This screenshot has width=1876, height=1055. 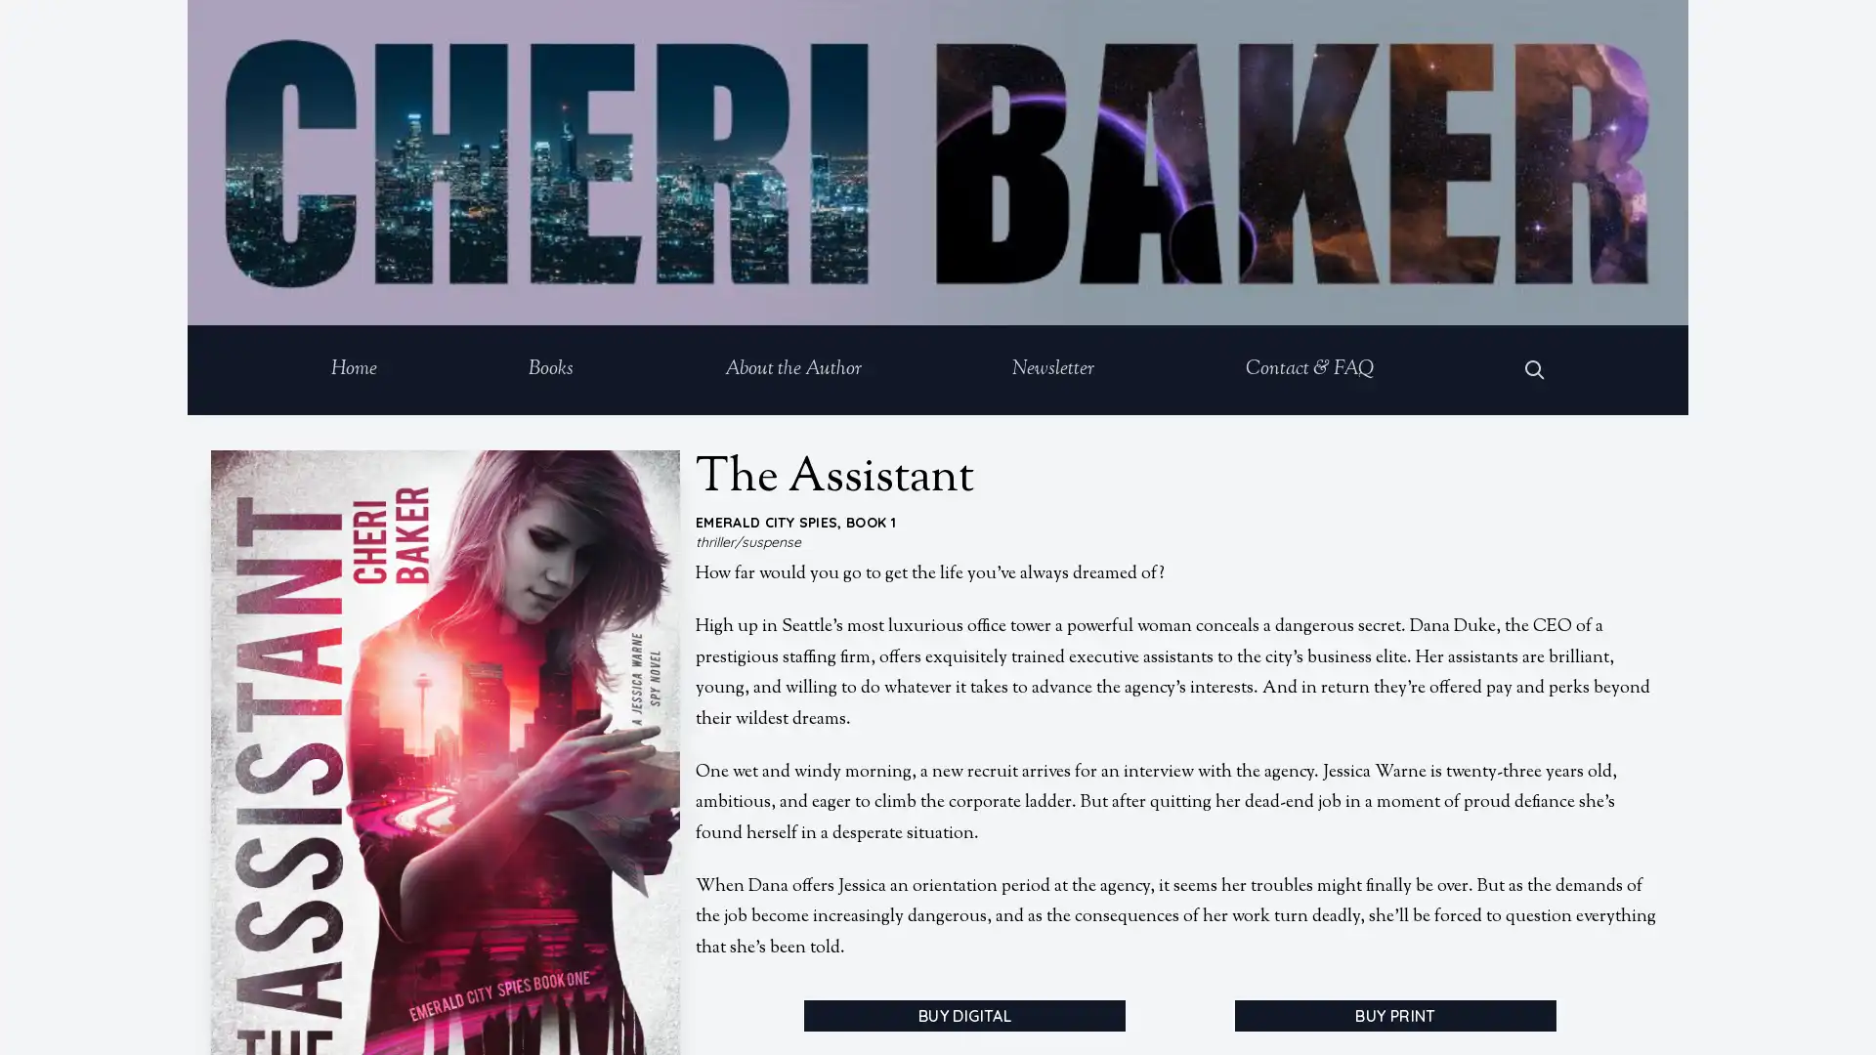 I want to click on BUY DIGITAL, so click(x=964, y=1013).